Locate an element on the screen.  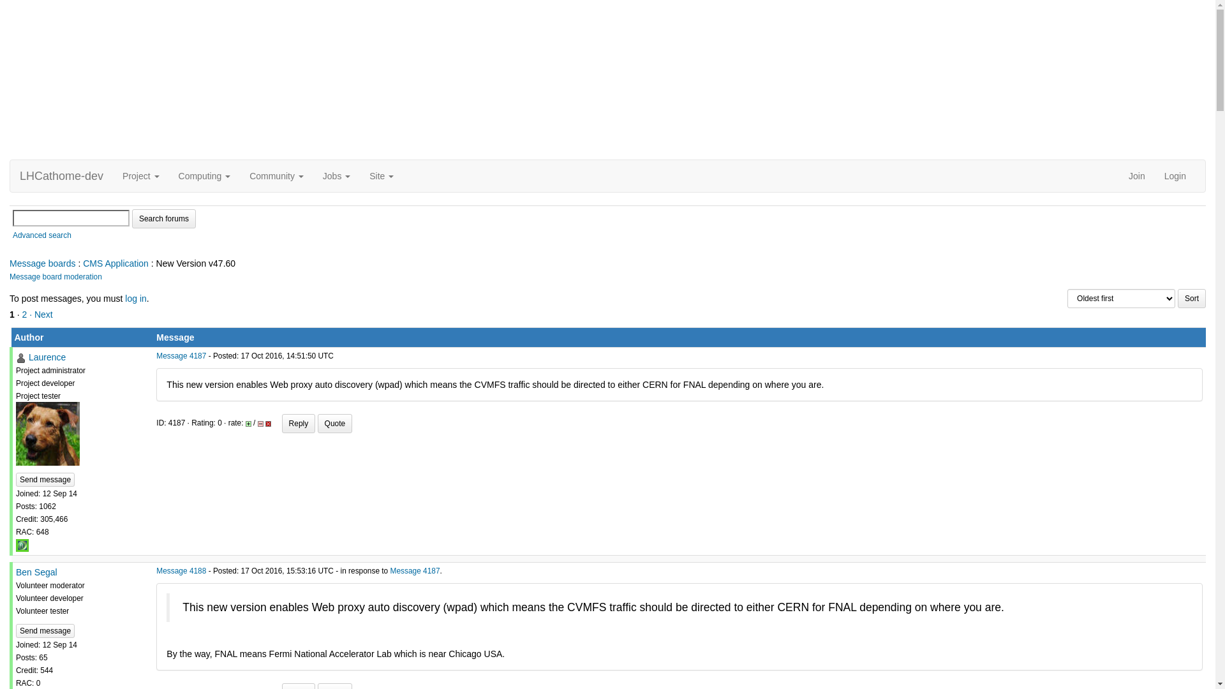
'Click if you don't like this message' is located at coordinates (260, 424).